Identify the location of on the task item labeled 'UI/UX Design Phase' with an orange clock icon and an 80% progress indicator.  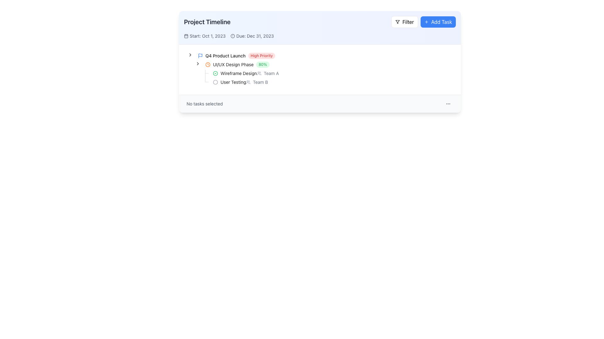
(237, 64).